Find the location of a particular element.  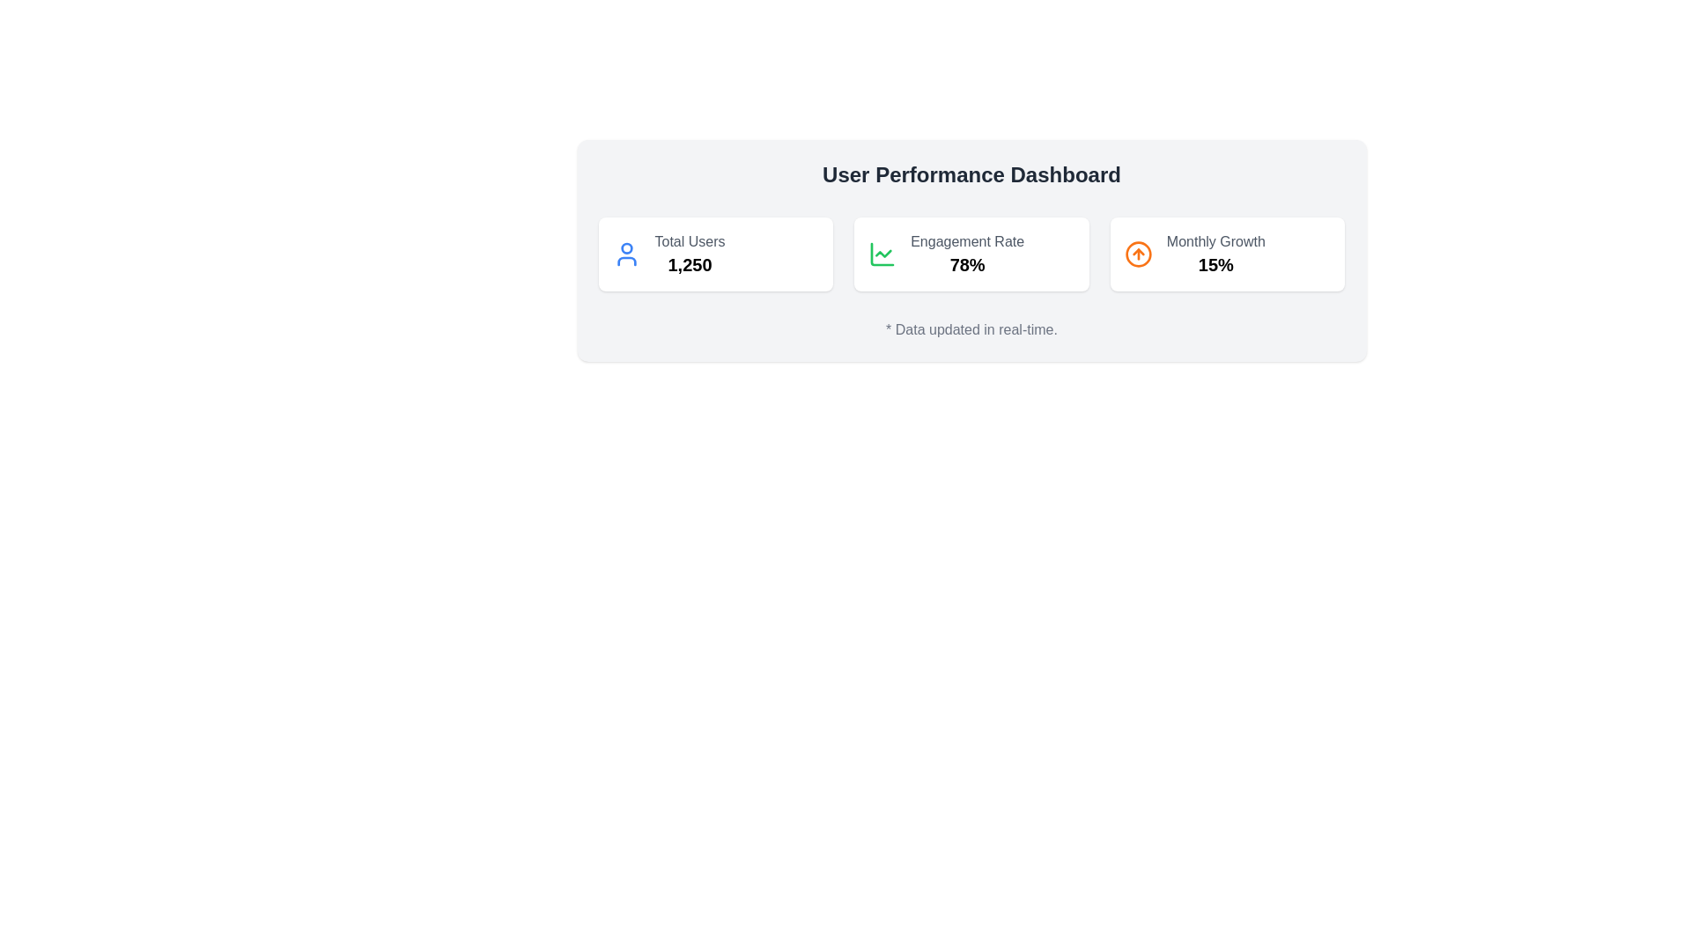

engagement rate displayed in the text label located in the middle of a three-column layout, bordered by 'Total Users' on the left and 'Monthly Growth' on the right is located at coordinates (966, 254).